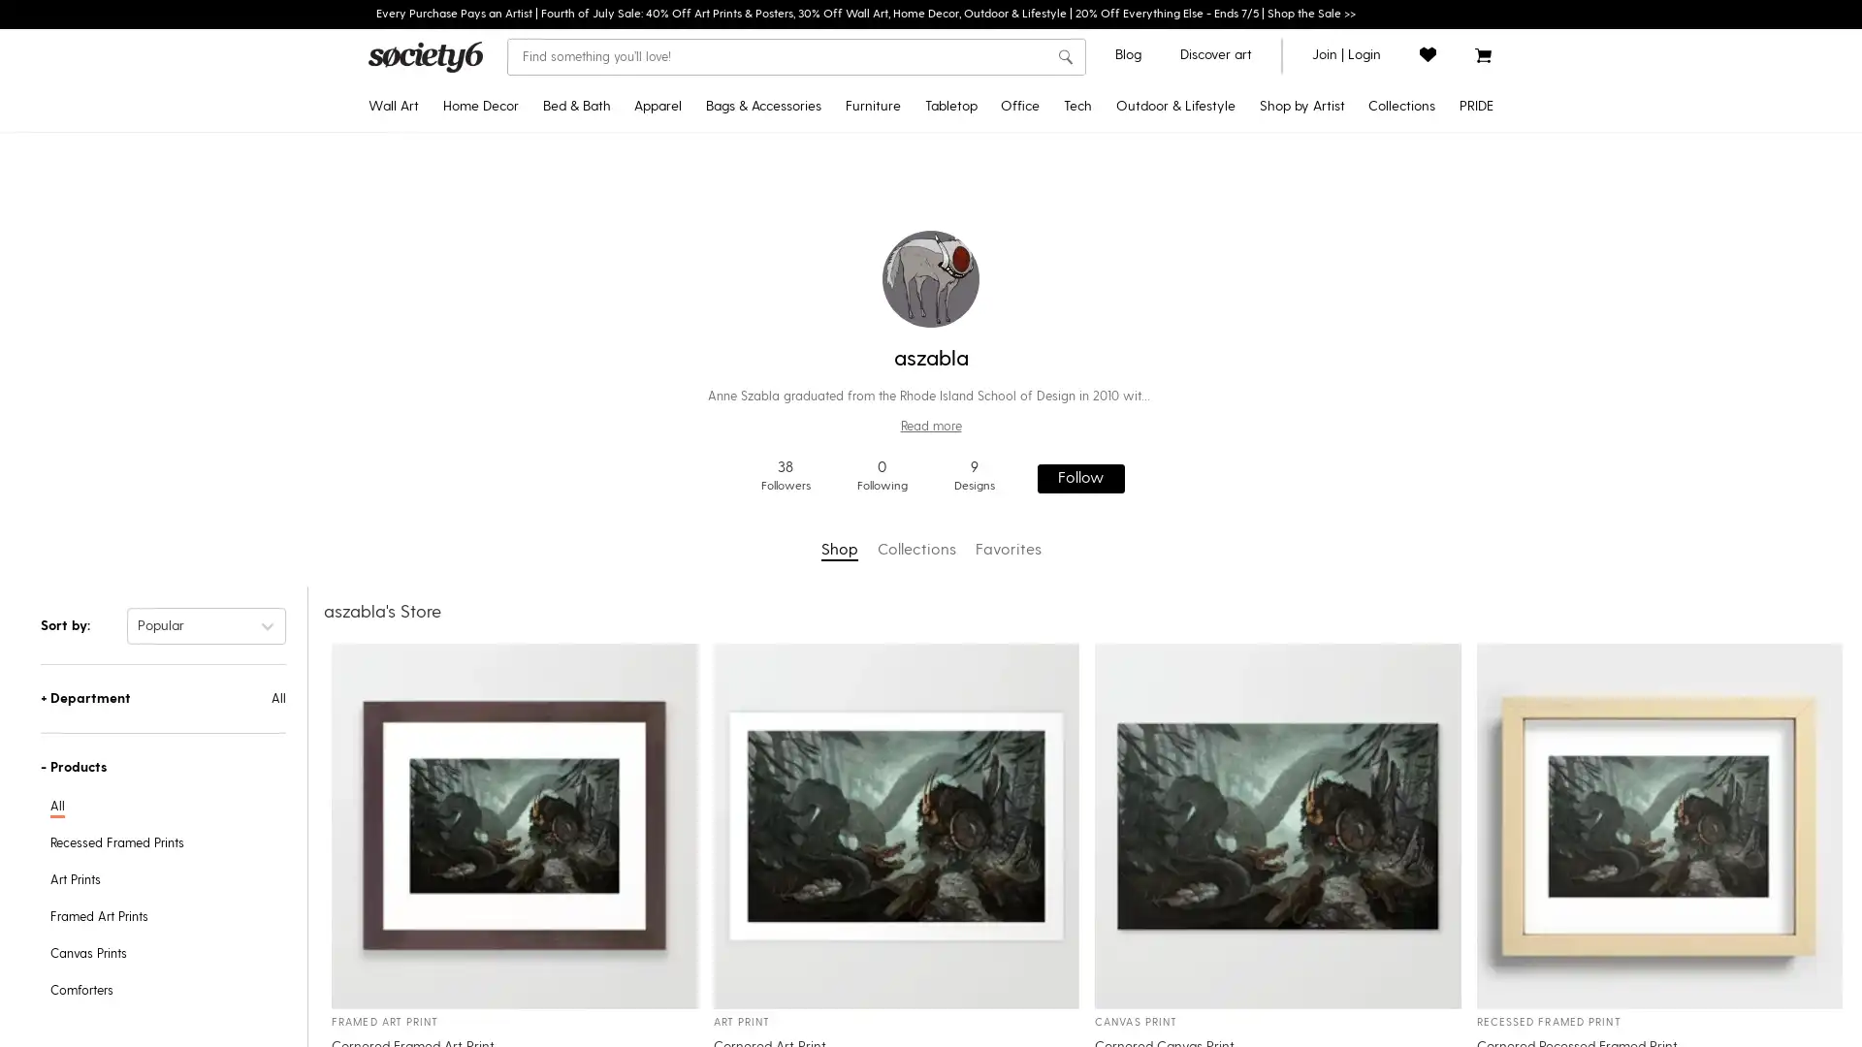 The width and height of the screenshot is (1862, 1047). I want to click on Pattern Play, so click(1330, 437).